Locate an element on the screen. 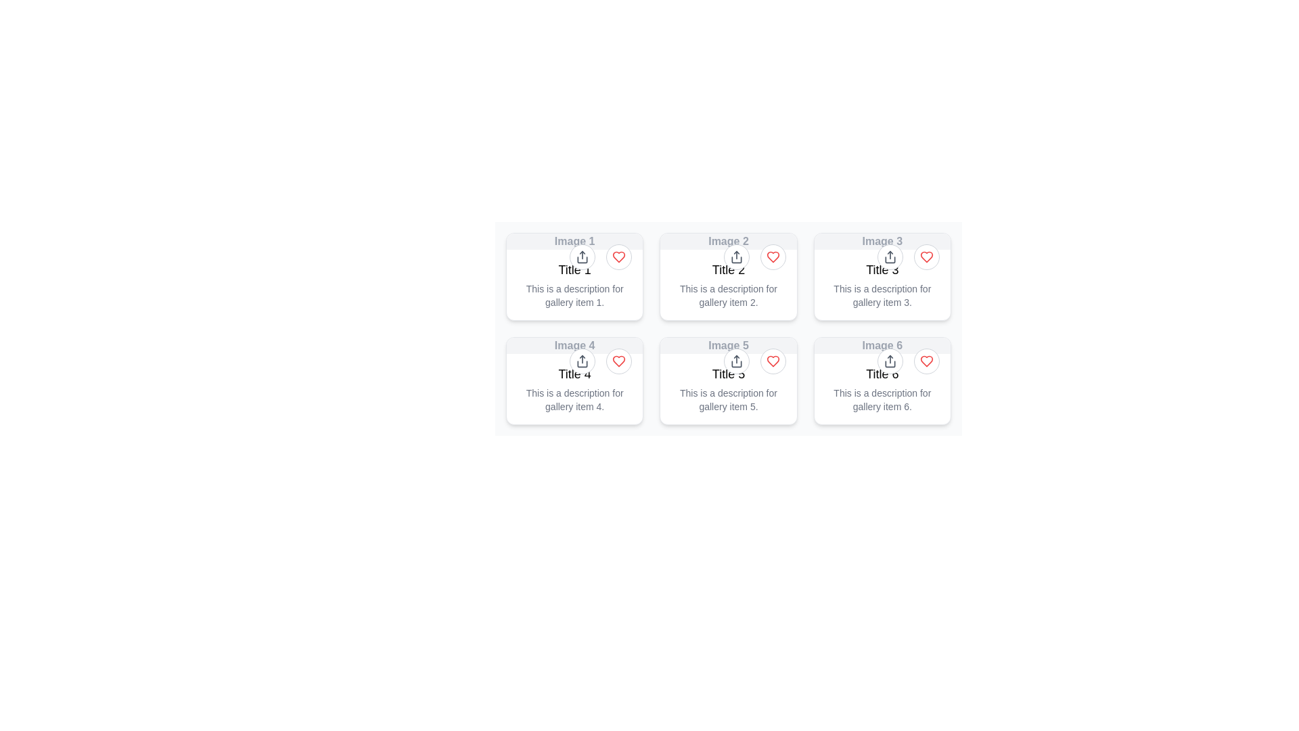 This screenshot has height=731, width=1299. the 'share' button located at the top-center of the second card in a grid layout, positioned to the left of a heart-shaped icon is located at coordinates (735, 257).